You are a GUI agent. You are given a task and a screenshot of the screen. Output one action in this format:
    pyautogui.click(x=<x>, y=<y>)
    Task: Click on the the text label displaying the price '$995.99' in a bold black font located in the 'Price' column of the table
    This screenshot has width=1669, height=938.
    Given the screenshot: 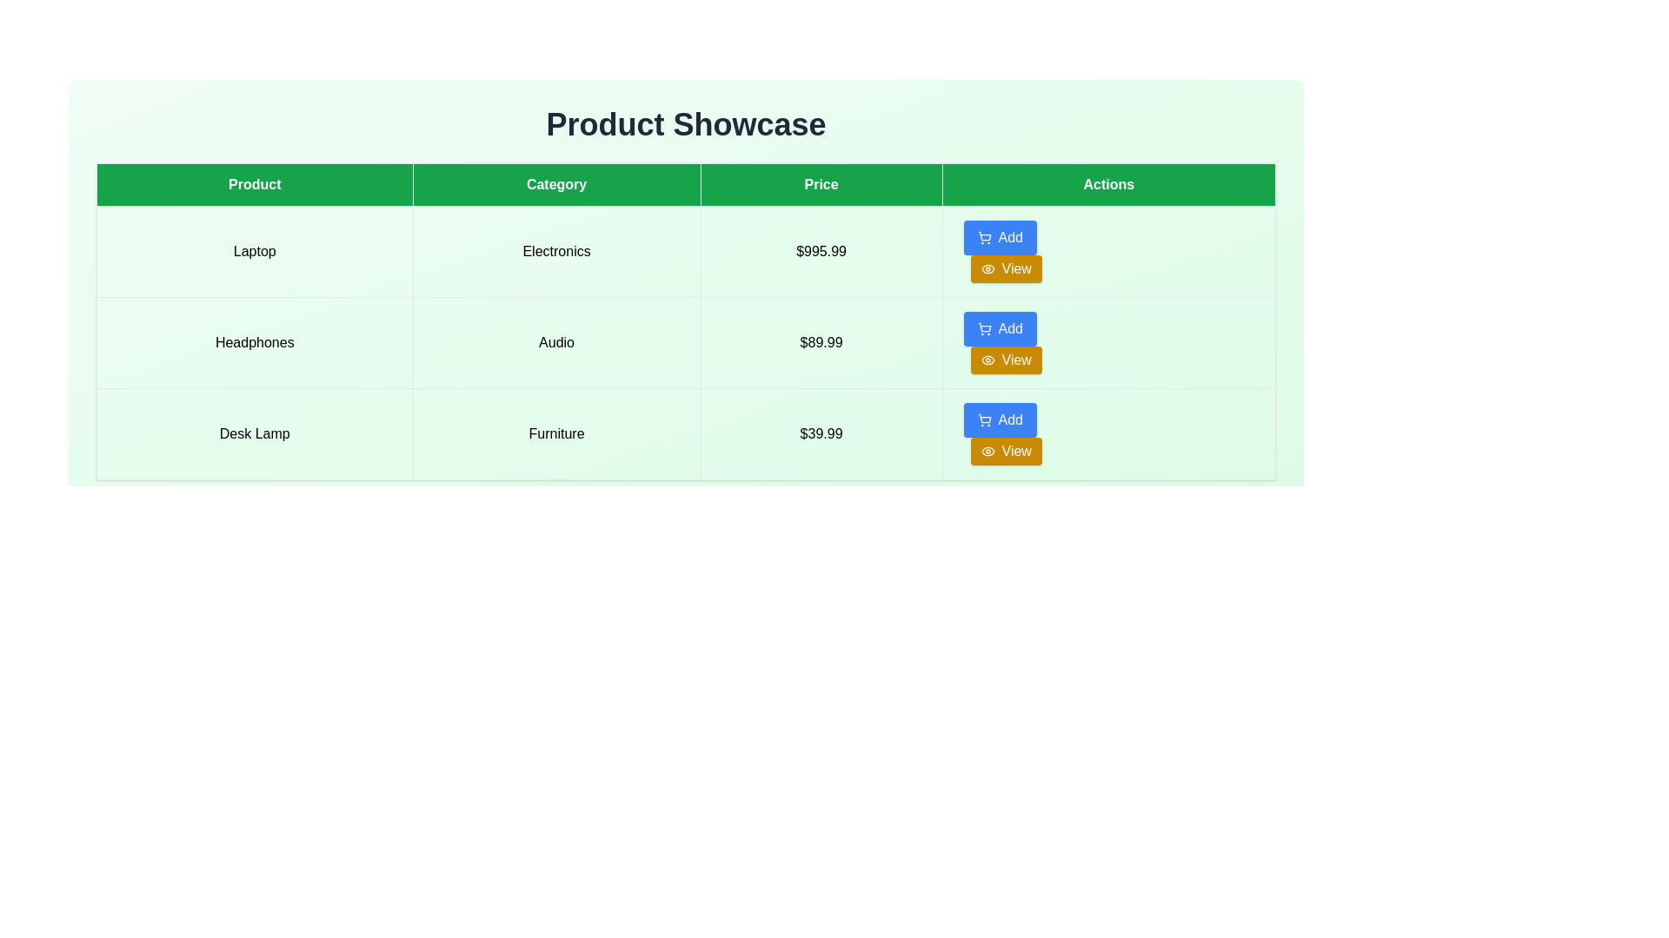 What is the action you would take?
    pyautogui.click(x=821, y=251)
    